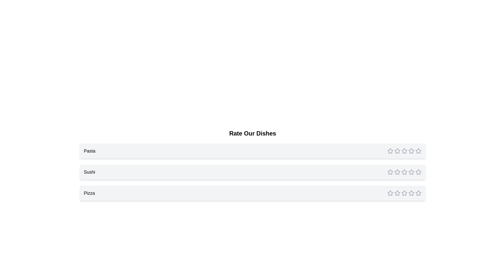 This screenshot has height=271, width=482. What do you see at coordinates (397, 193) in the screenshot?
I see `the second star in the 'Rate Our Dishes' section` at bounding box center [397, 193].